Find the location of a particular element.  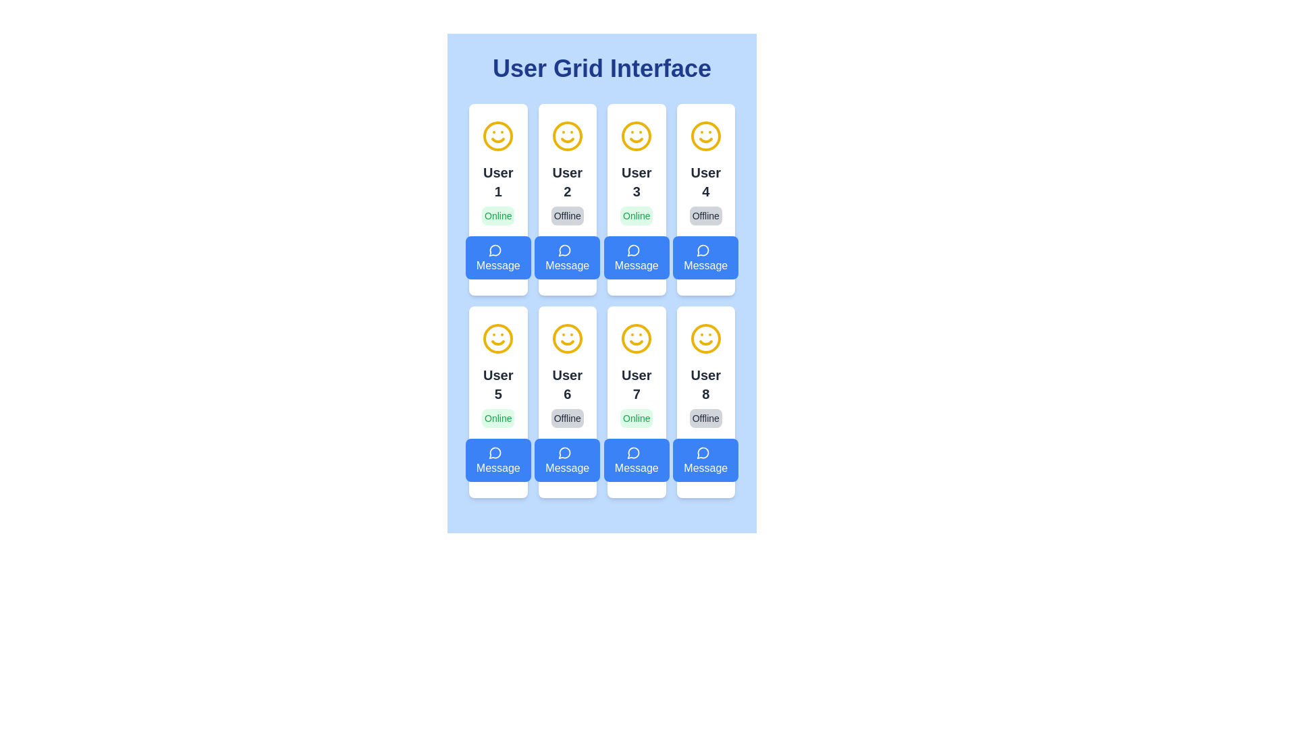

the offline status label located in the sixth user card, positioned below the username 'User 6' and above the 'Message' button is located at coordinates (567, 418).